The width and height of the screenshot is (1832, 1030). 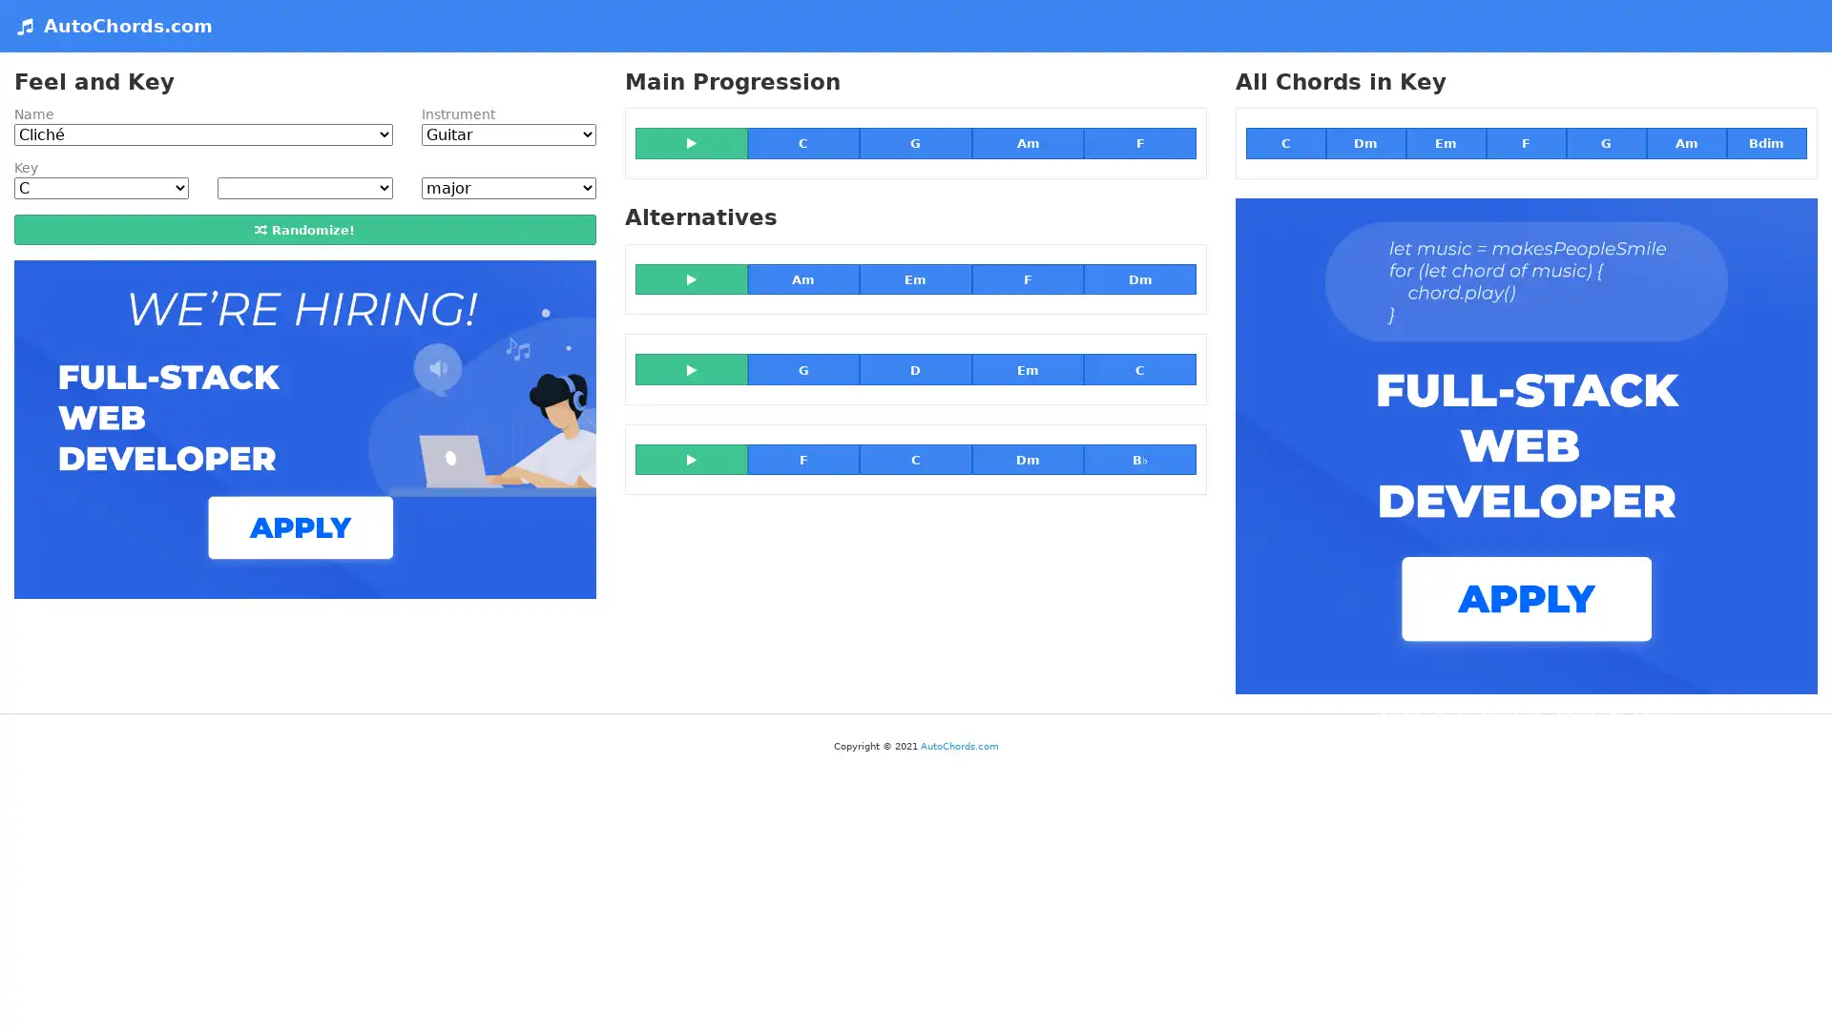 What do you see at coordinates (1139, 279) in the screenshot?
I see `Dm` at bounding box center [1139, 279].